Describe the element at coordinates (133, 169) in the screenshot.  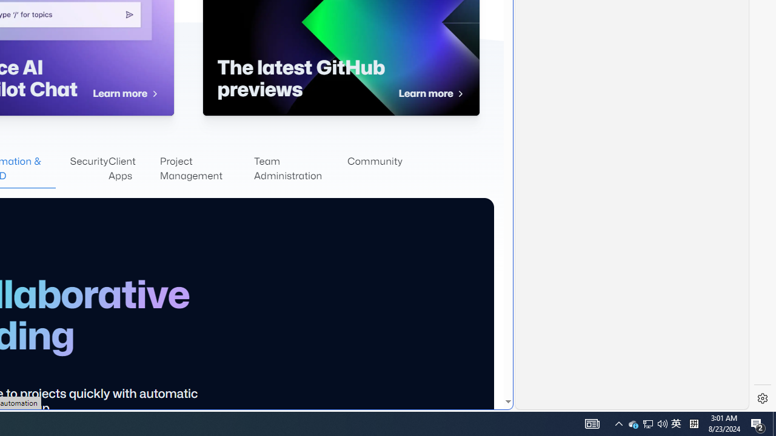
I see `'Client Apps'` at that location.